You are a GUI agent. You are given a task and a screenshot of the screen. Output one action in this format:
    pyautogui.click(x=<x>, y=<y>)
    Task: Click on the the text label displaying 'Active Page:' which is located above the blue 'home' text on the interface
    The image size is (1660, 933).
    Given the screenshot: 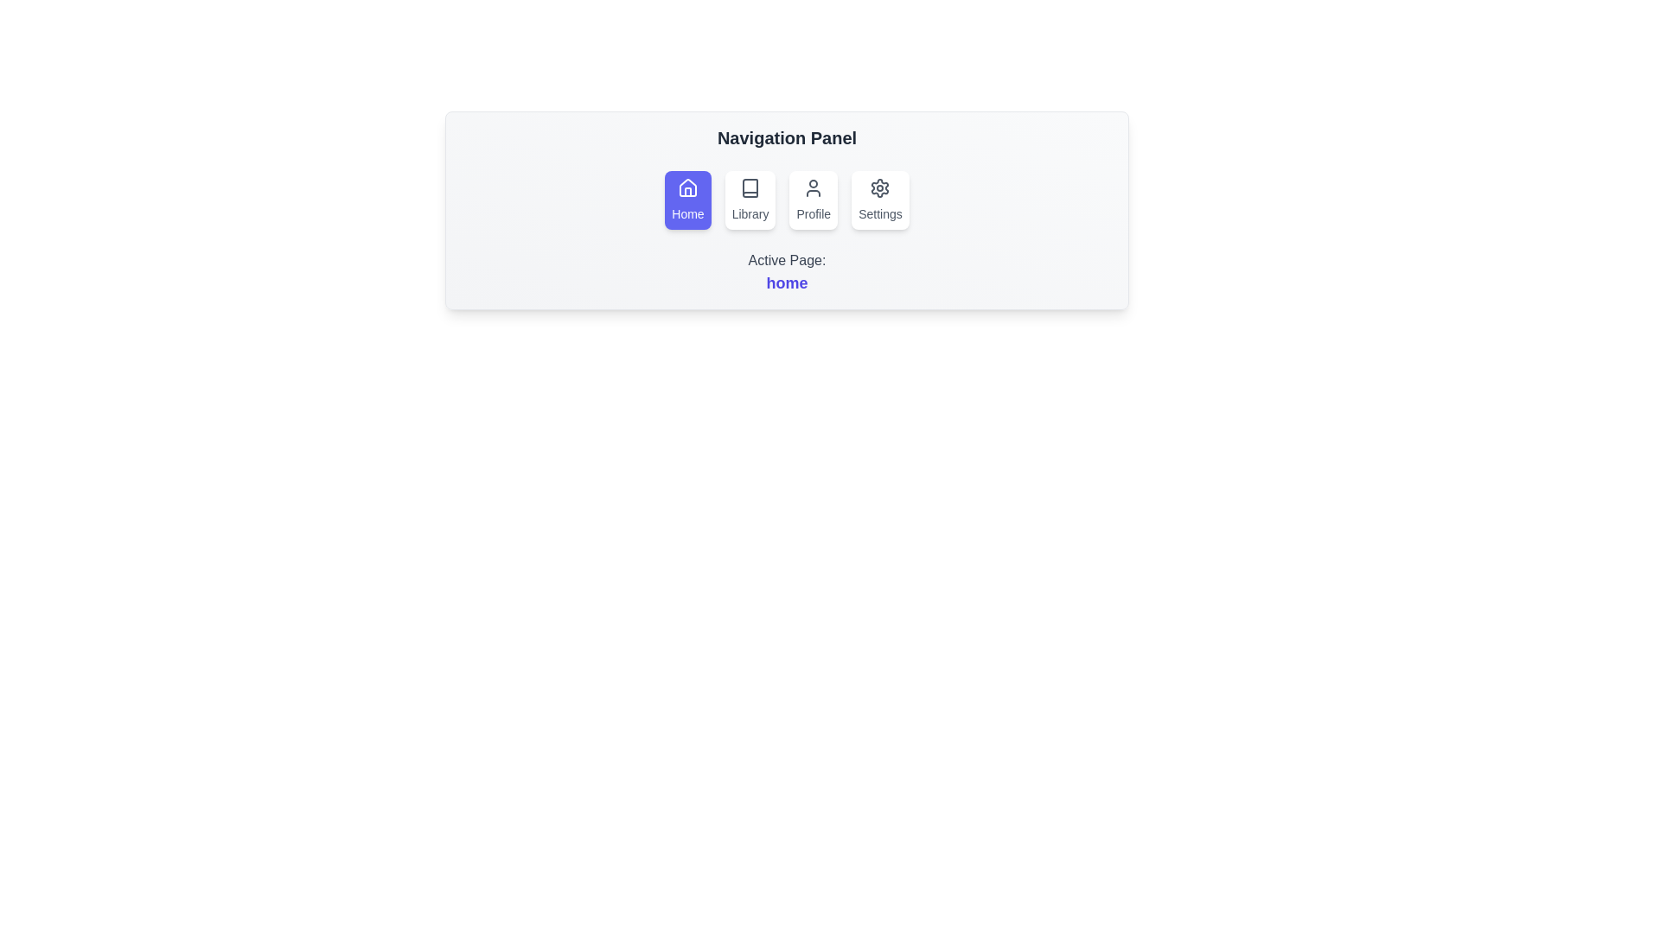 What is the action you would take?
    pyautogui.click(x=786, y=260)
    